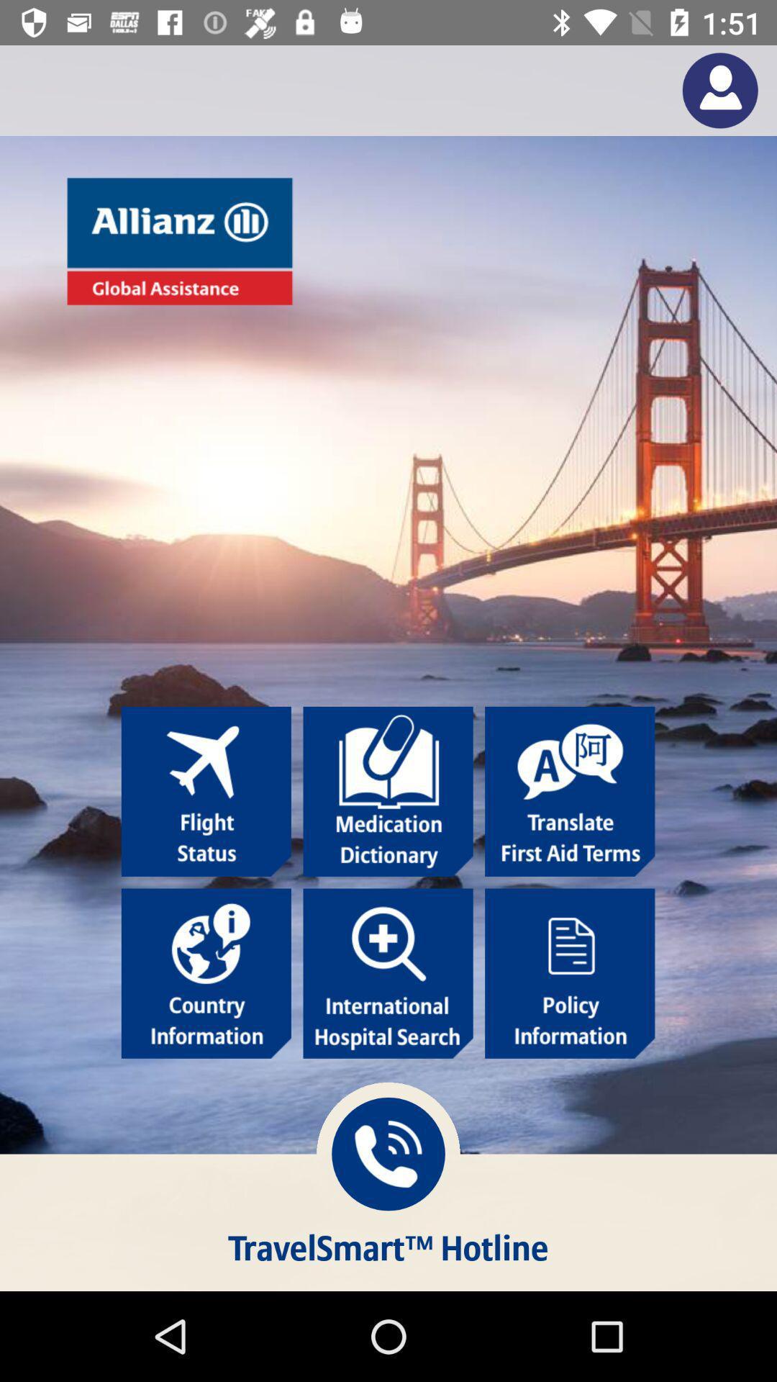 Image resolution: width=777 pixels, height=1382 pixels. What do you see at coordinates (720, 89) in the screenshot?
I see `profile` at bounding box center [720, 89].